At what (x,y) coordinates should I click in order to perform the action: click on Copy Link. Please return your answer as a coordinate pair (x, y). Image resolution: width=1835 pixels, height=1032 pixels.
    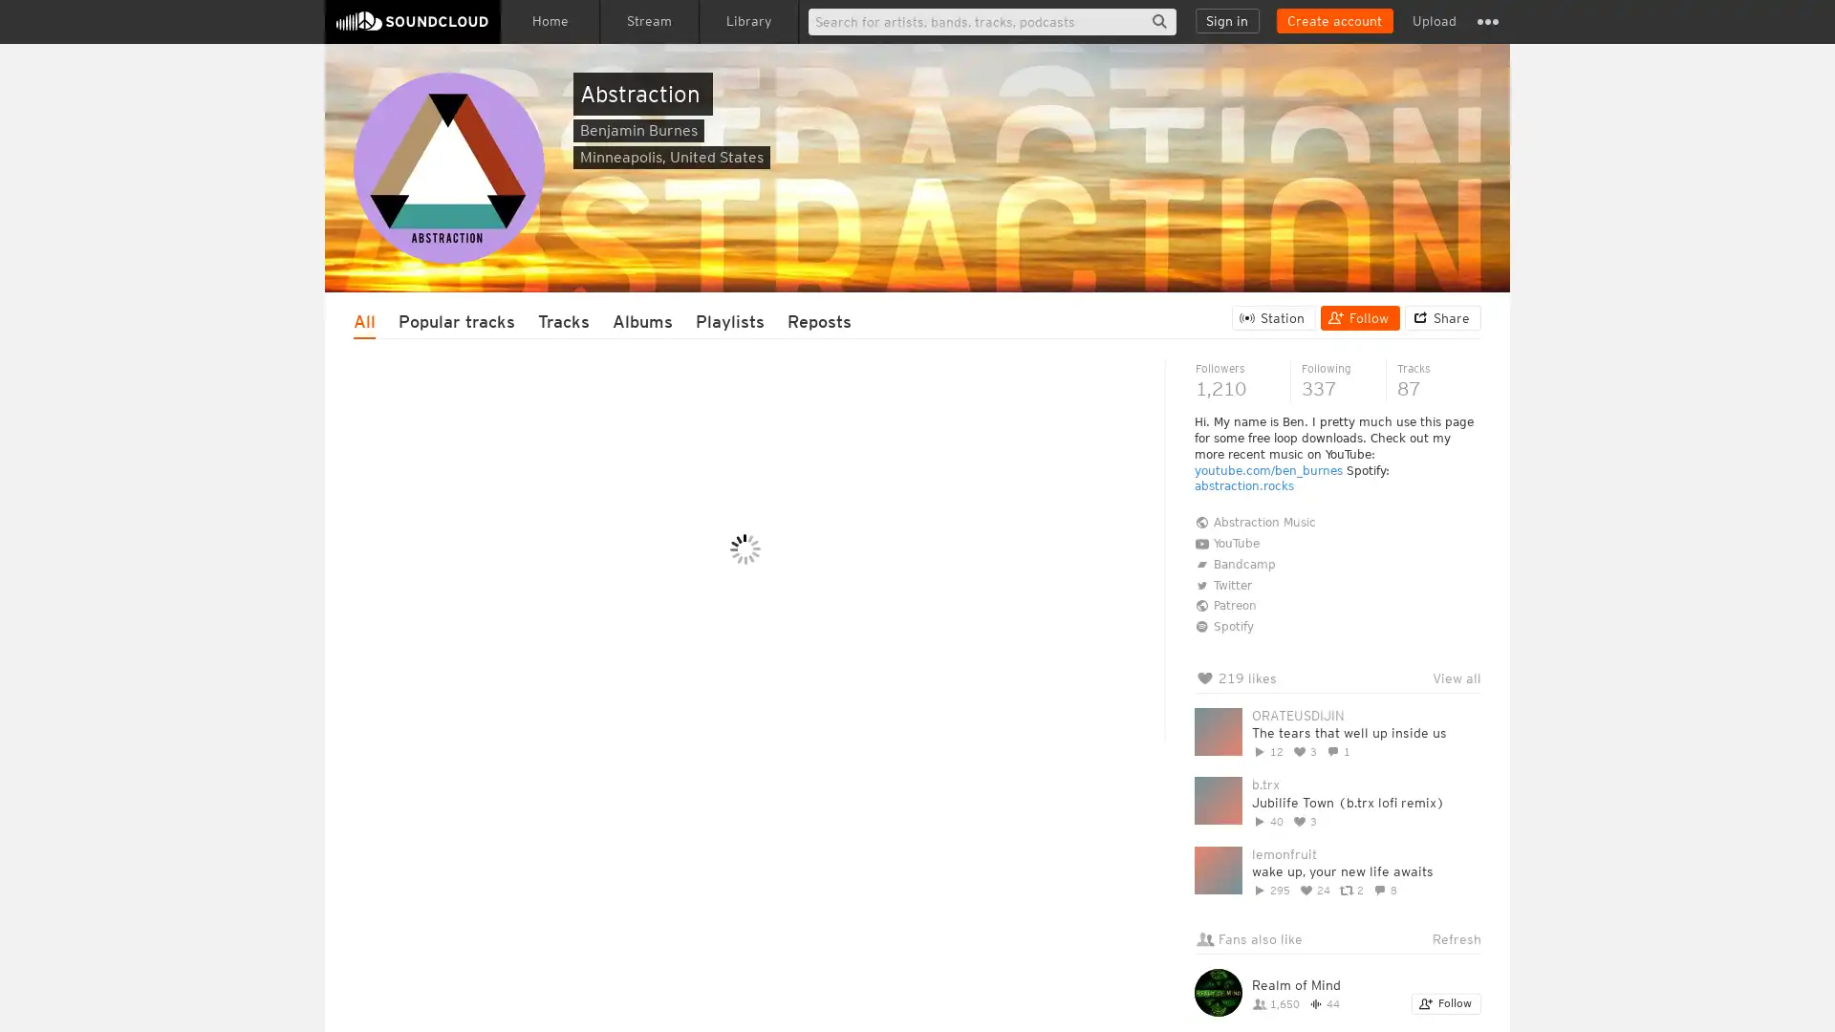
    Looking at the image, I should click on (763, 570).